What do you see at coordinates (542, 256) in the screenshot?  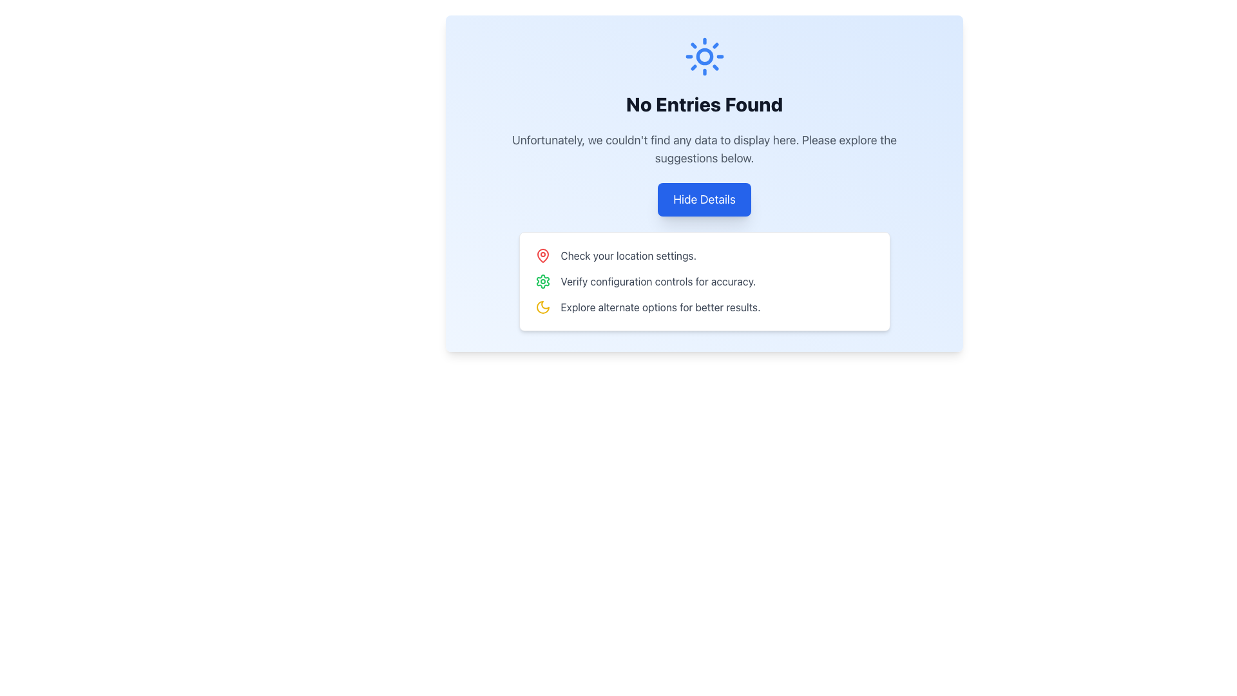 I see `the icon that precedes the text 'Check your location settings' to emphasize its context about location` at bounding box center [542, 256].